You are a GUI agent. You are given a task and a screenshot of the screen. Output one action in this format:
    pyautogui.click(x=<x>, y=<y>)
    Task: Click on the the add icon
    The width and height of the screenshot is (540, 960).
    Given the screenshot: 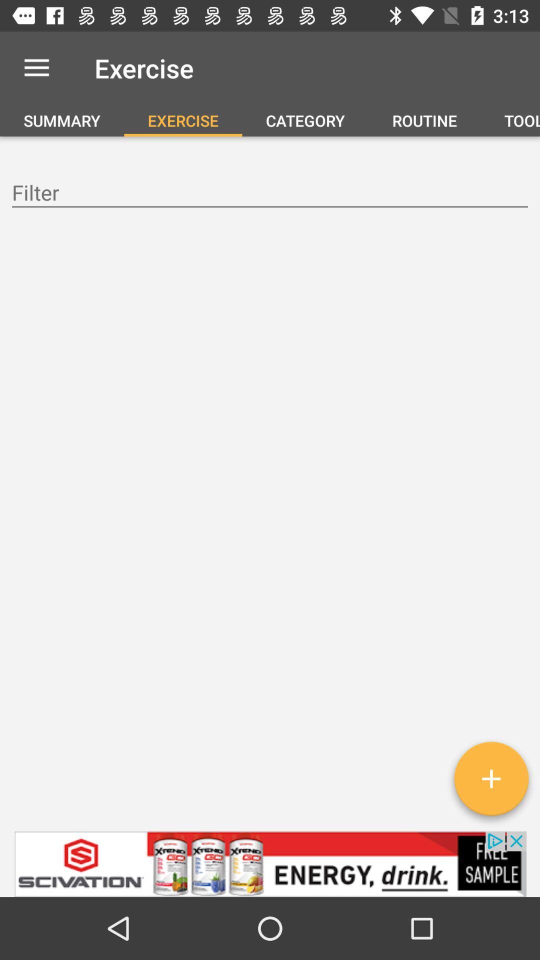 What is the action you would take?
    pyautogui.click(x=490, y=782)
    